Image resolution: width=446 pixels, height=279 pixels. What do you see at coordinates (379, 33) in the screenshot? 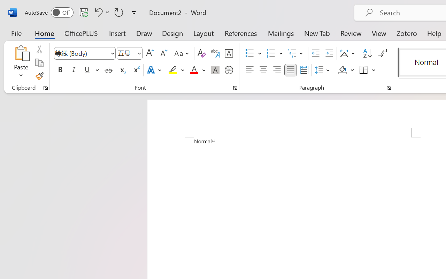
I see `'View'` at bounding box center [379, 33].